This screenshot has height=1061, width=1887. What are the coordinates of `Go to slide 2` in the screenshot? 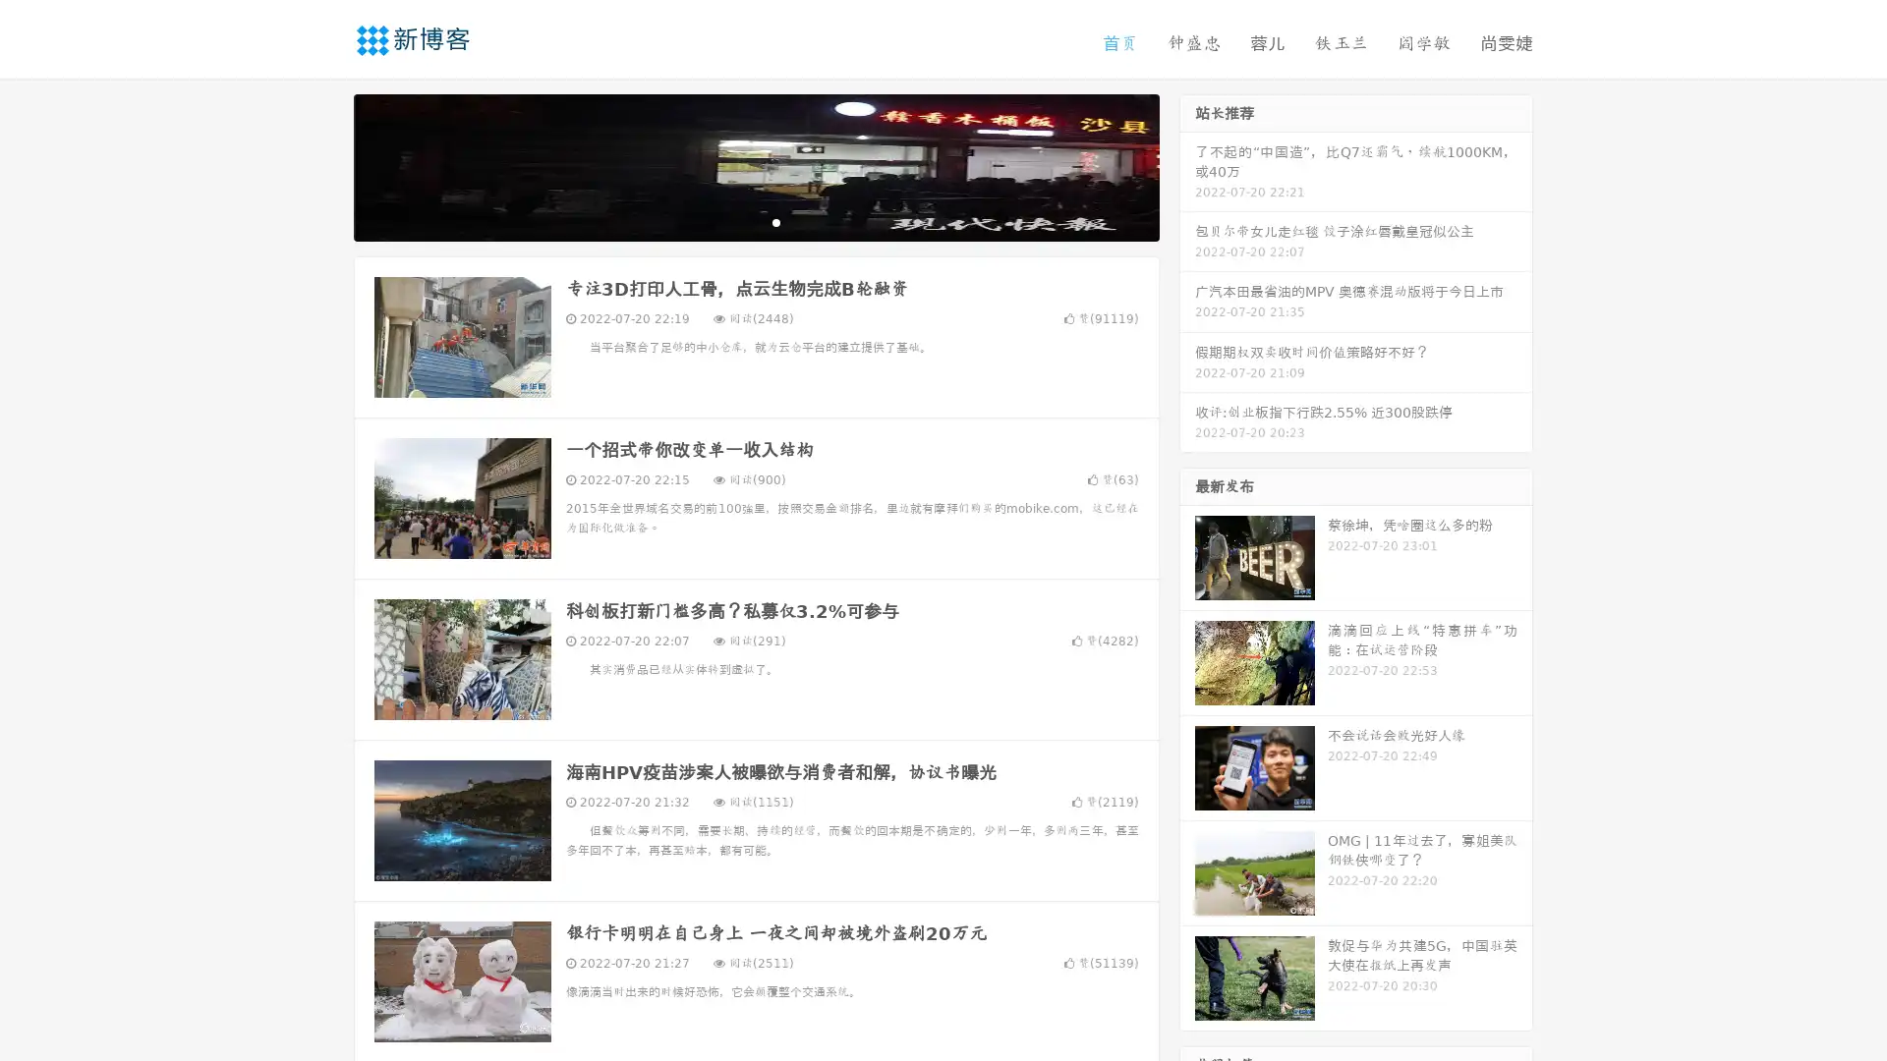 It's located at (755, 221).